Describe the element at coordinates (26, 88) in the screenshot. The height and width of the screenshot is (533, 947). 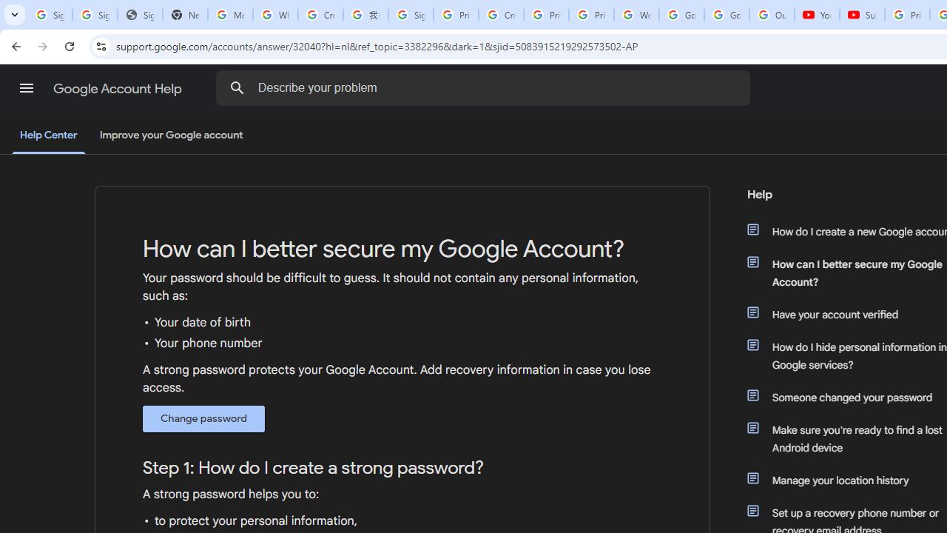
I see `'Main menu'` at that location.